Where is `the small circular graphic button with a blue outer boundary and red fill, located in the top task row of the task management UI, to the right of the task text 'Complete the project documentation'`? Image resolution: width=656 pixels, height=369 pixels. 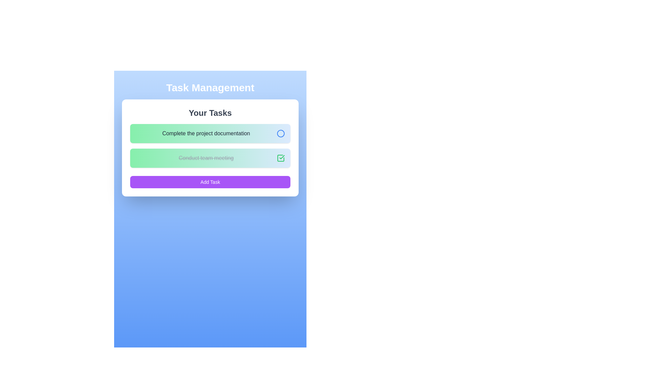 the small circular graphic button with a blue outer boundary and red fill, located in the top task row of the task management UI, to the right of the task text 'Complete the project documentation' is located at coordinates (281, 133).